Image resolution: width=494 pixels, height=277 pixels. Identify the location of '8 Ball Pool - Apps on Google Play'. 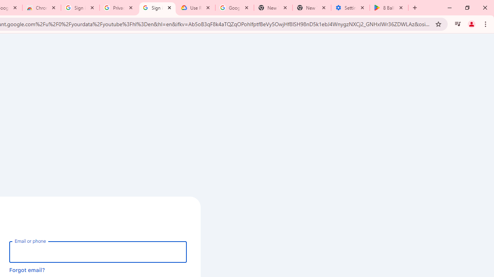
(389, 8).